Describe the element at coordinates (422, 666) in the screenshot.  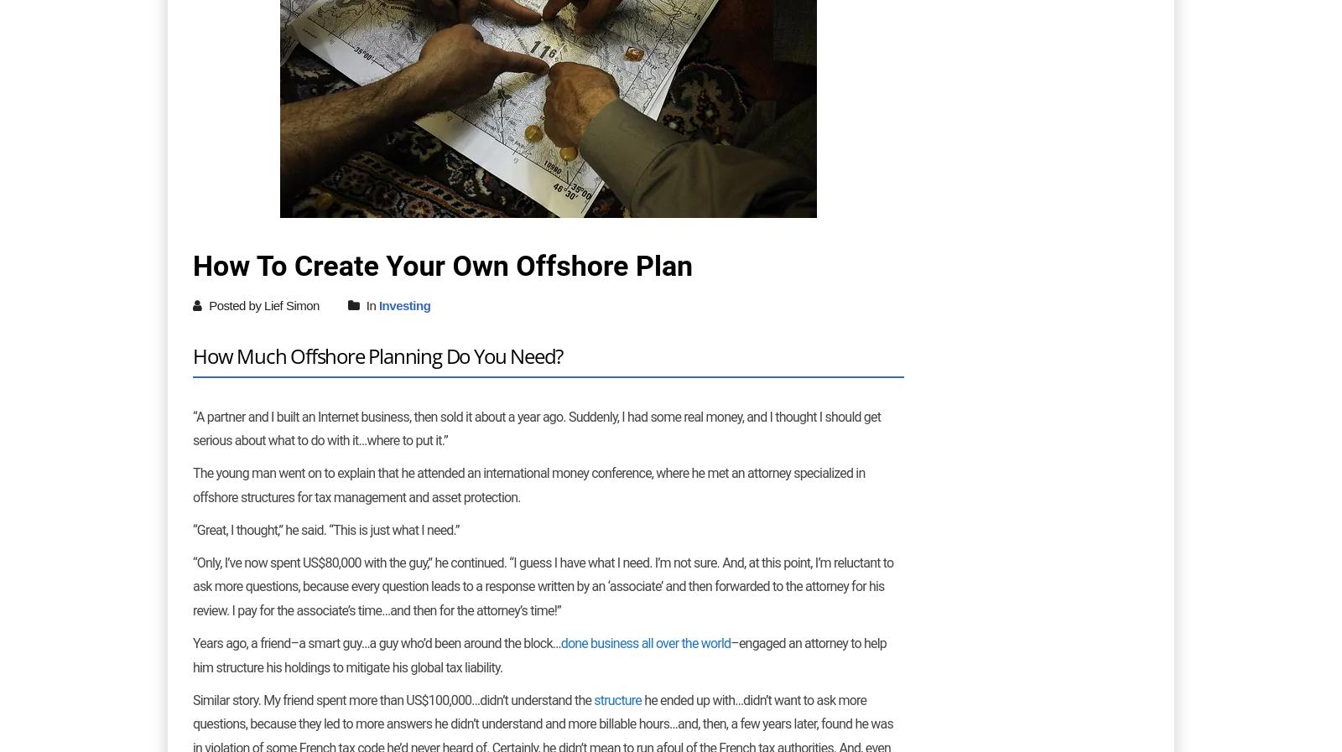
I see `'mitigate his global tax liability.'` at that location.